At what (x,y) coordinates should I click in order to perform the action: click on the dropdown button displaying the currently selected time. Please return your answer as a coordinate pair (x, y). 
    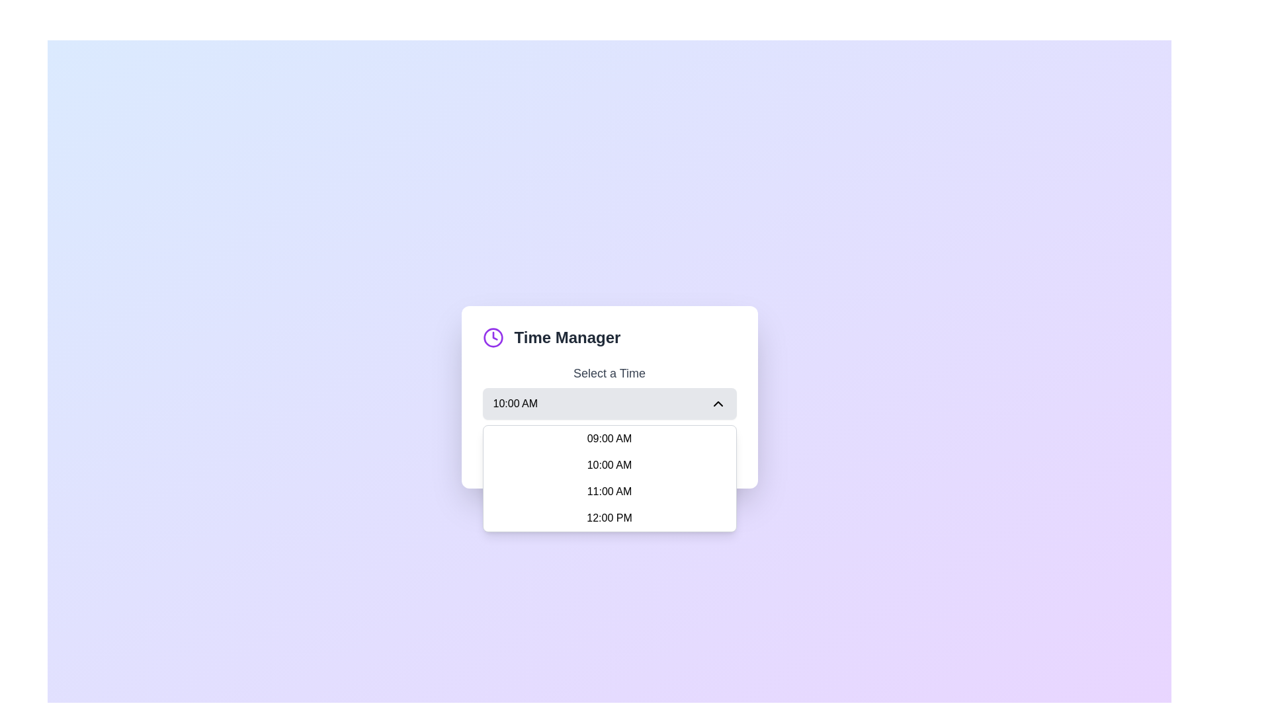
    Looking at the image, I should click on (609, 403).